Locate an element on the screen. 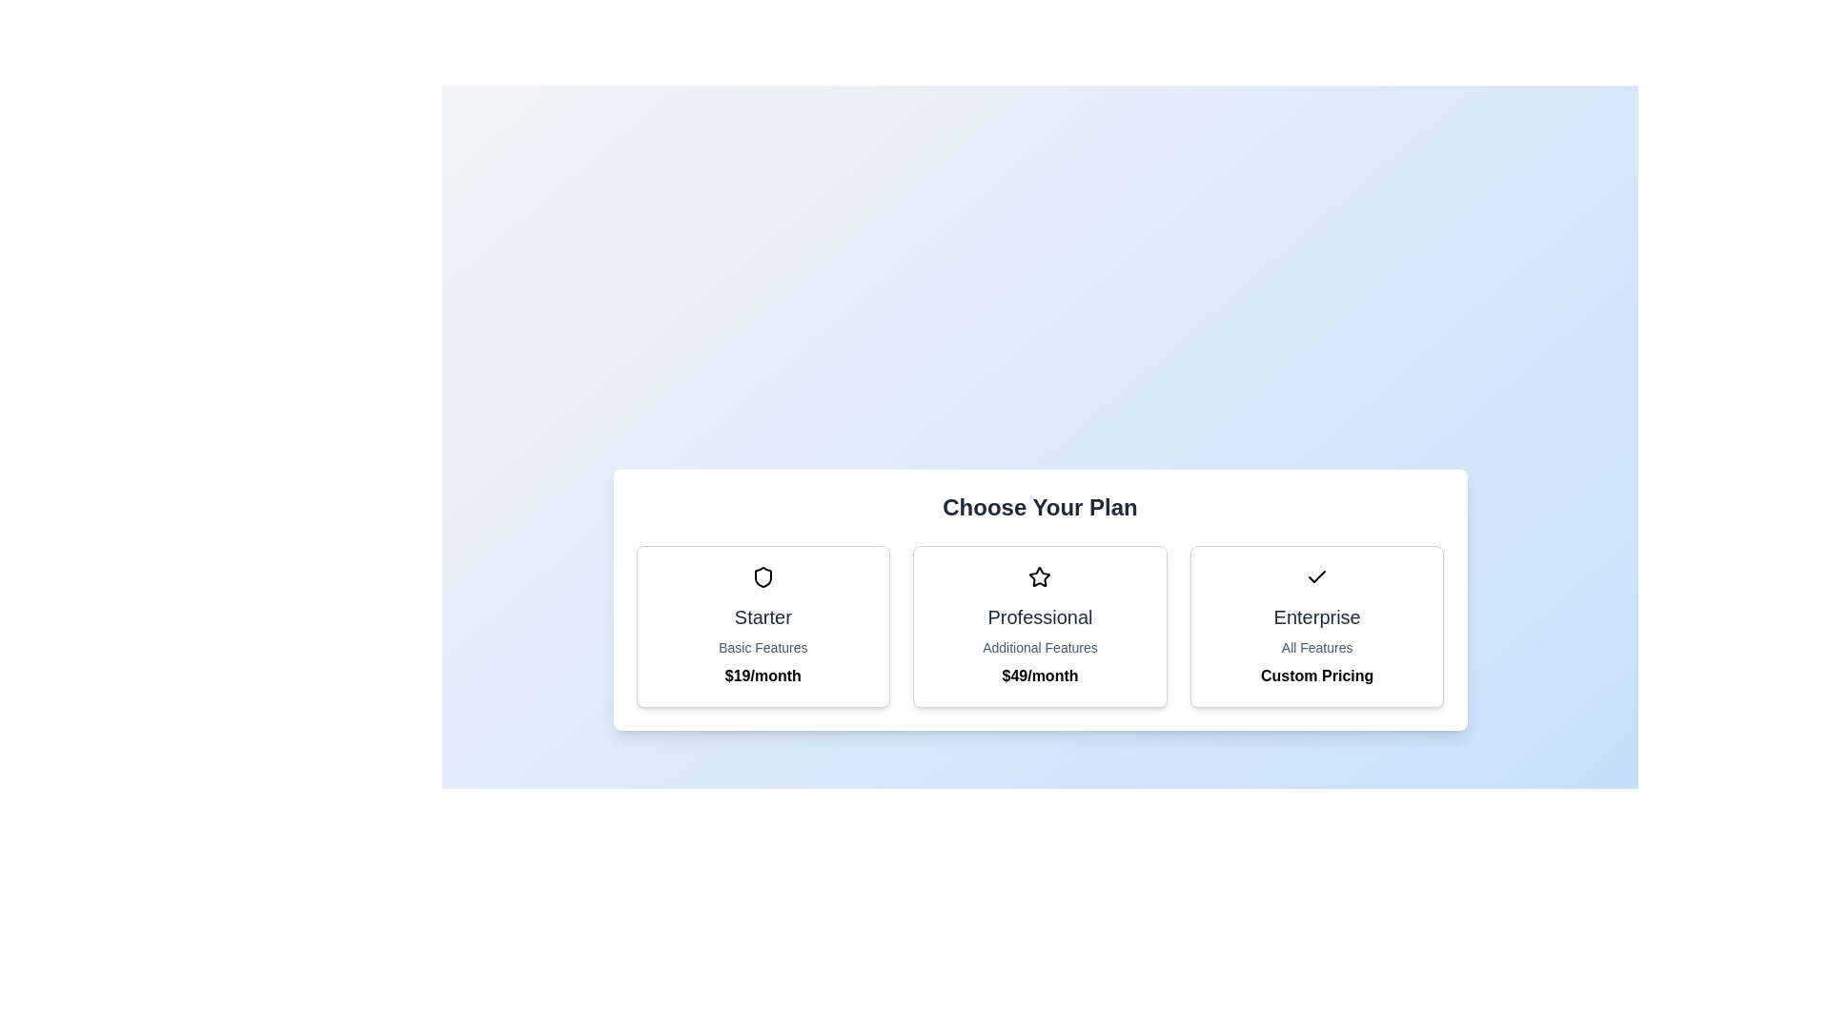 The width and height of the screenshot is (1830, 1029). the black check mark icon located in the center of the Enterprise plan card is located at coordinates (1316, 575).